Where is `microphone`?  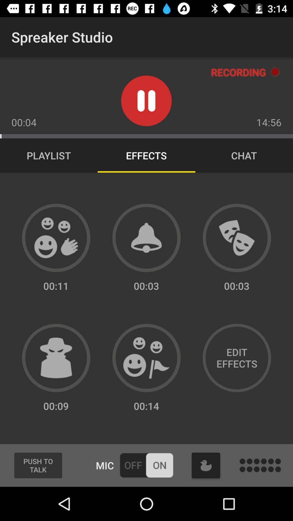 microphone is located at coordinates (146, 465).